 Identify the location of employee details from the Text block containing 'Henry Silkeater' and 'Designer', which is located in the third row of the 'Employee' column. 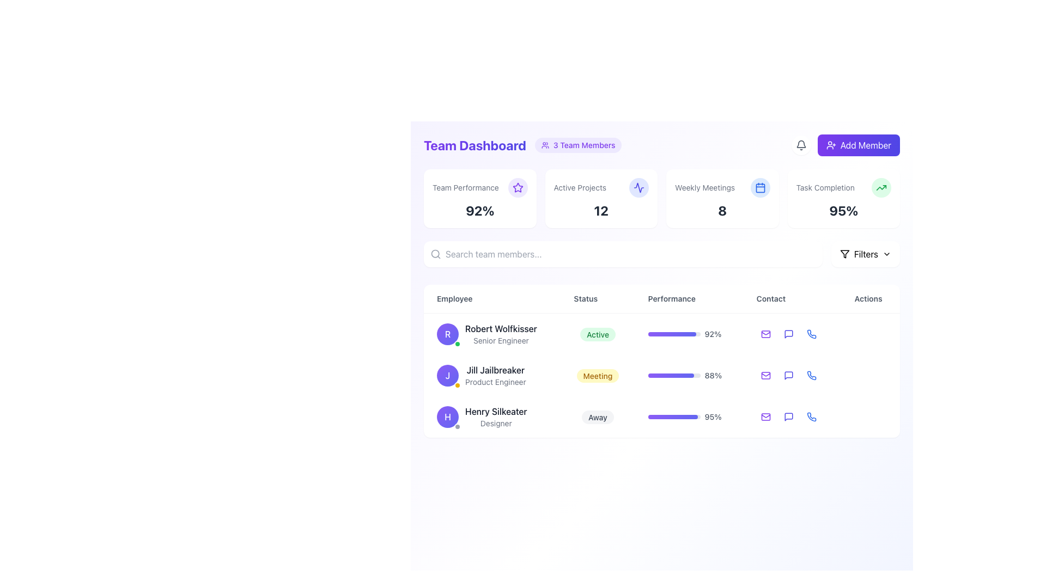
(491, 416).